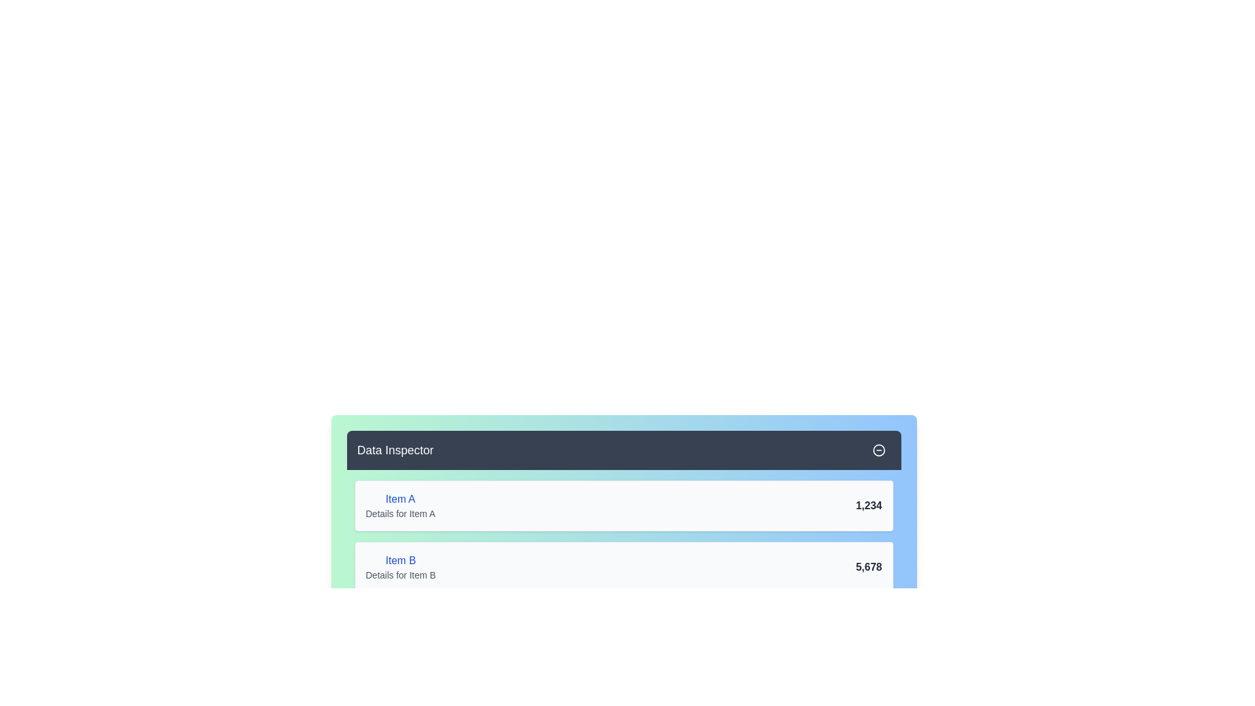 The image size is (1255, 706). I want to click on text from the text block that contains 'Item A' styled in blue and bold, and 'Details for Item A' in smaller gray font, located in the upper card of the list under the title 'Data Inspector', so click(399, 505).